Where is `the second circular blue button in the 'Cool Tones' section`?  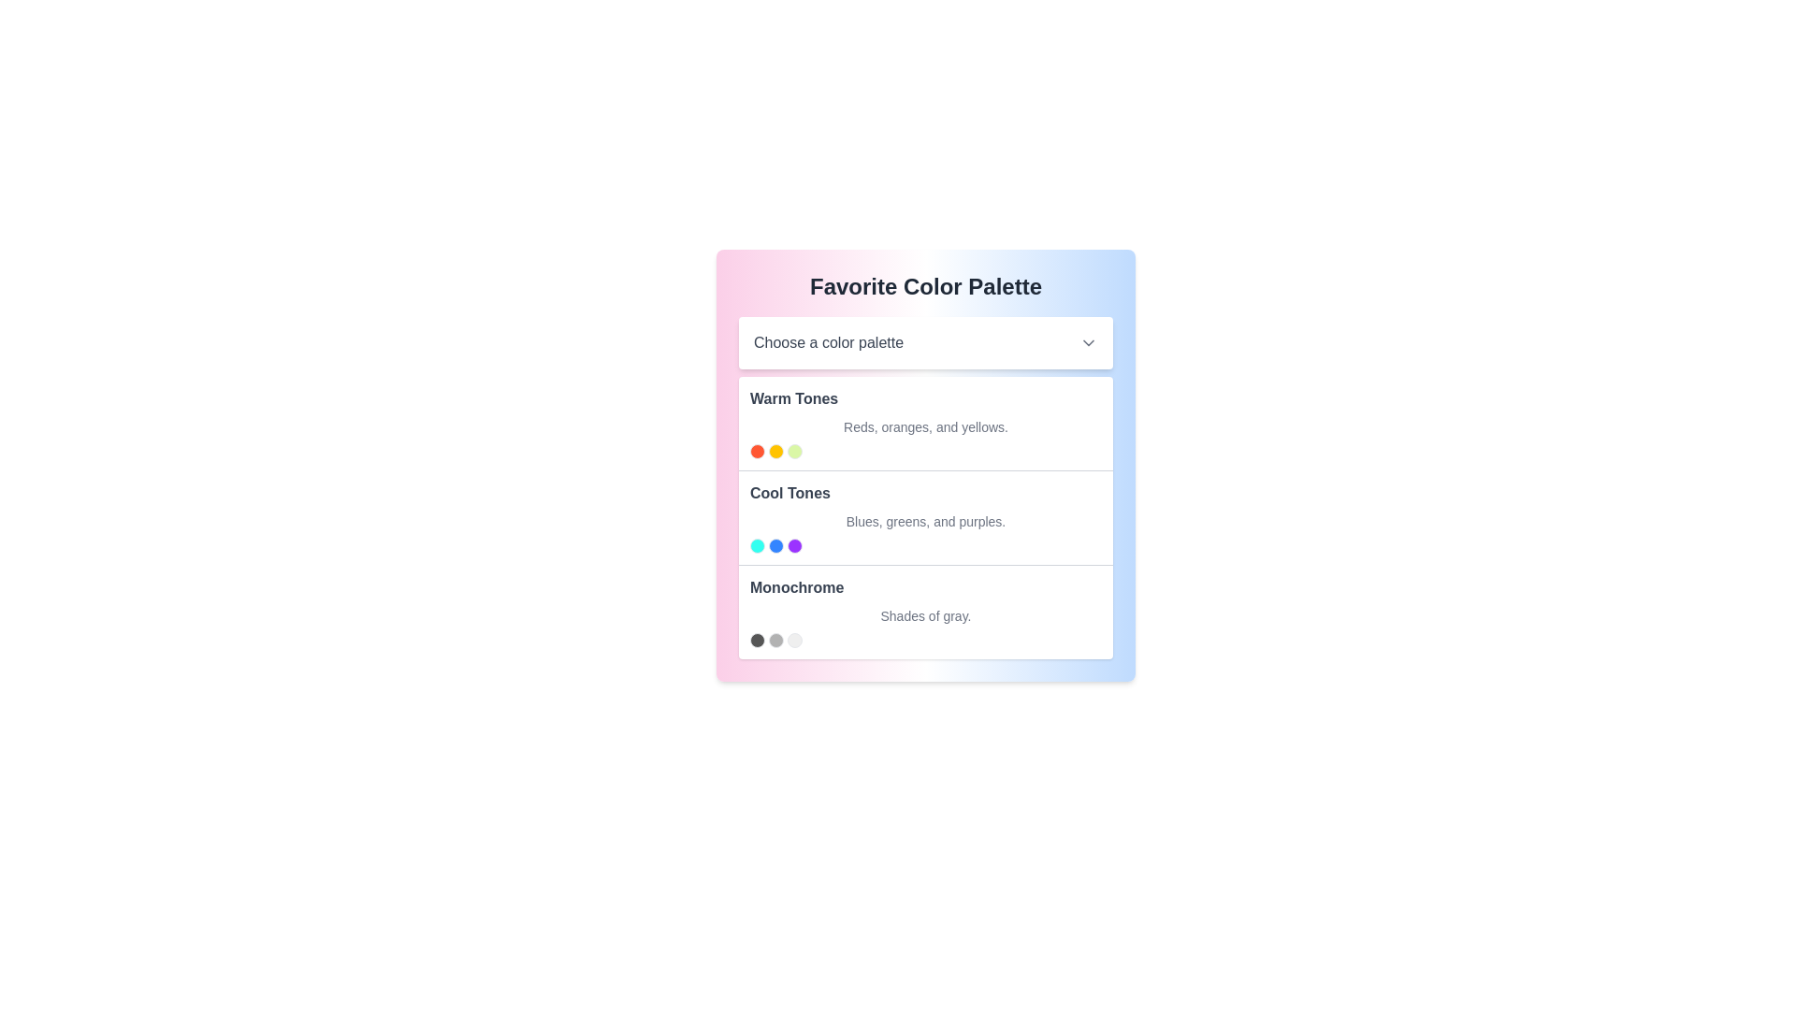 the second circular blue button in the 'Cool Tones' section is located at coordinates (776, 545).